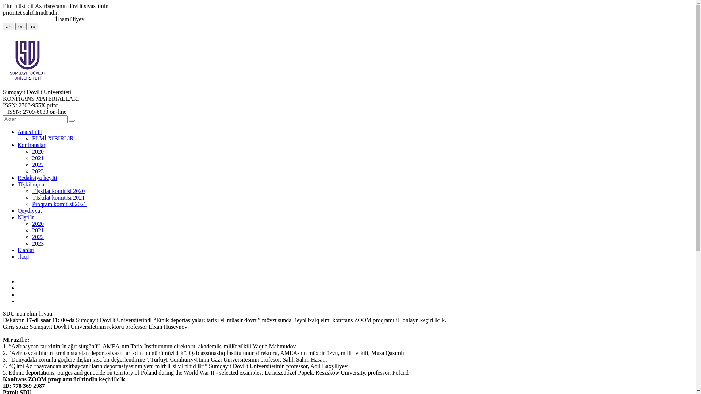 The width and height of the screenshot is (701, 394). Describe the element at coordinates (38, 237) in the screenshot. I see `'2022'` at that location.